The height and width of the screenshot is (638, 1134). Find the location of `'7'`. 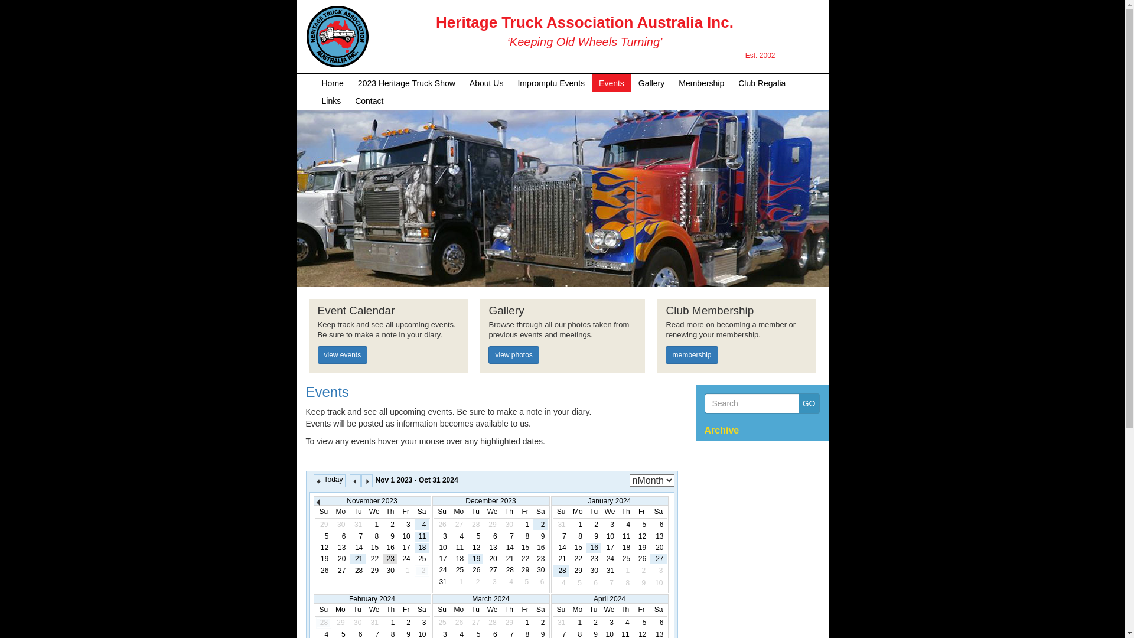

'7' is located at coordinates (350, 536).